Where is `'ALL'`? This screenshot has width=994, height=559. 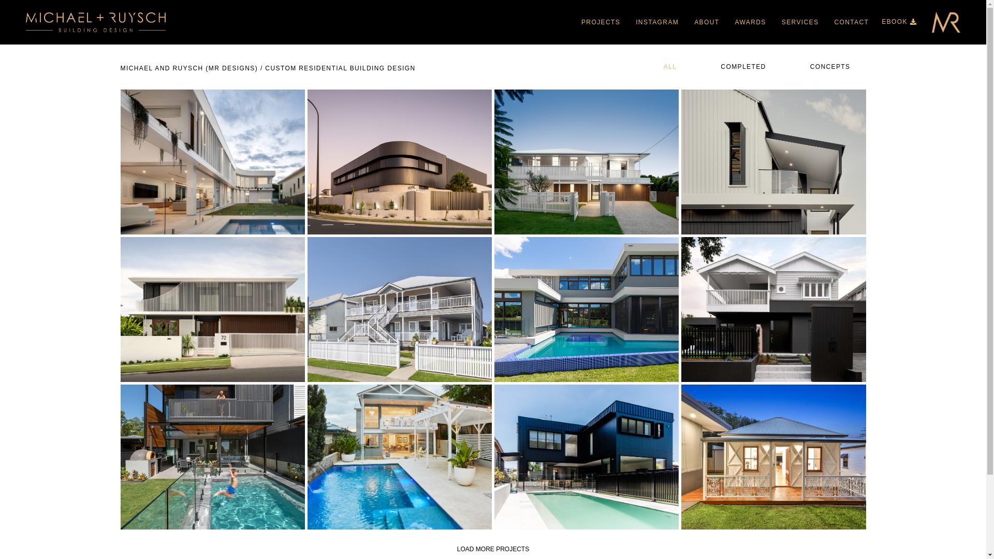
'ALL' is located at coordinates (669, 68).